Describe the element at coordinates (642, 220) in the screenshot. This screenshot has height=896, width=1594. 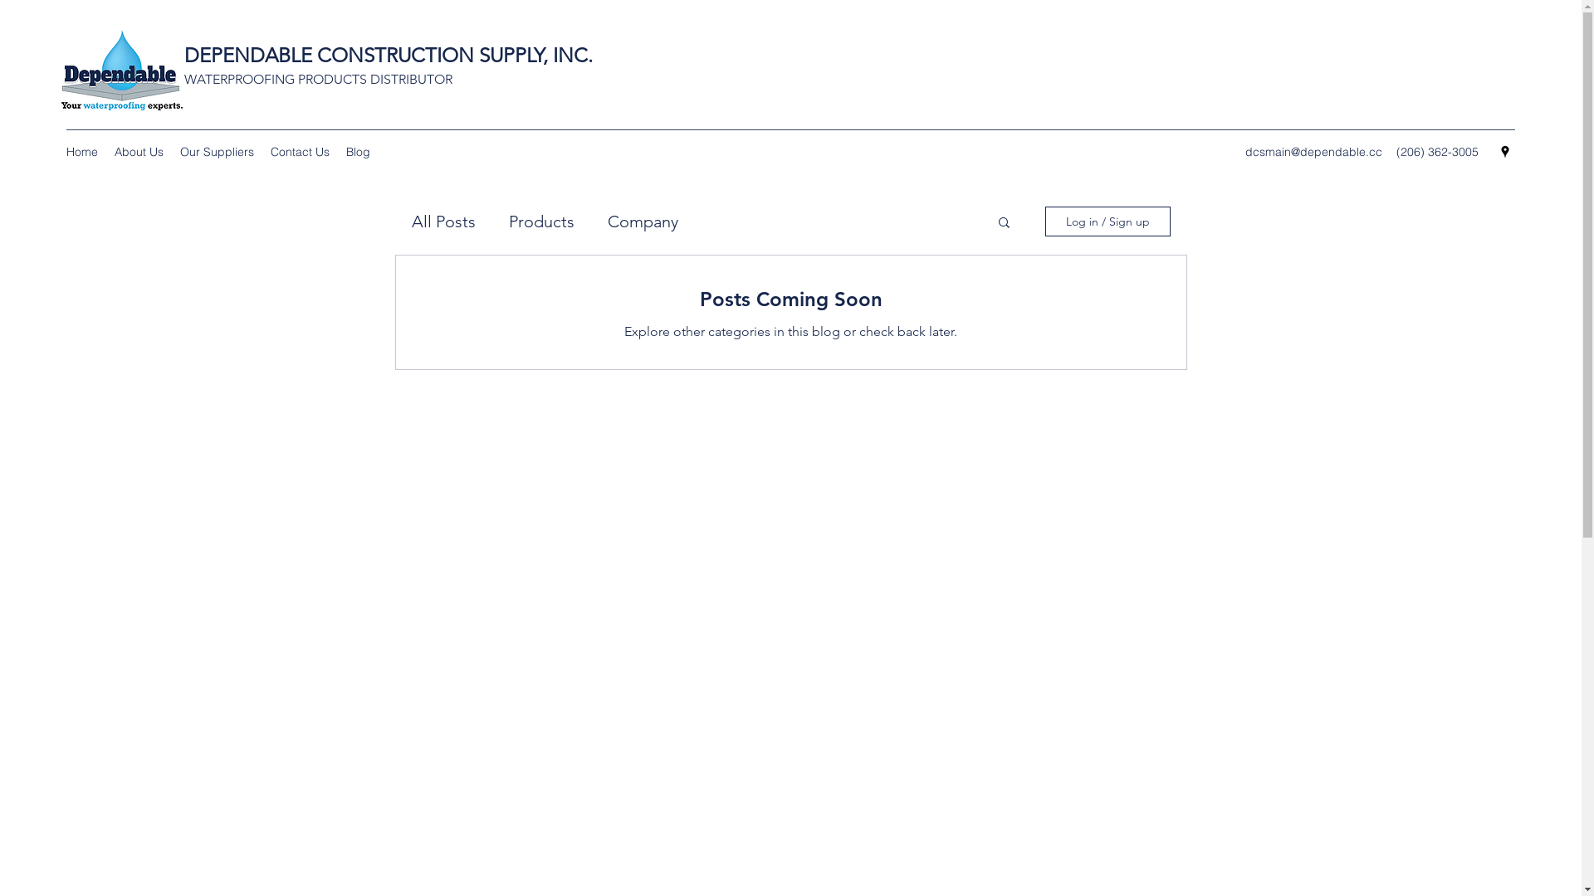
I see `'Company'` at that location.